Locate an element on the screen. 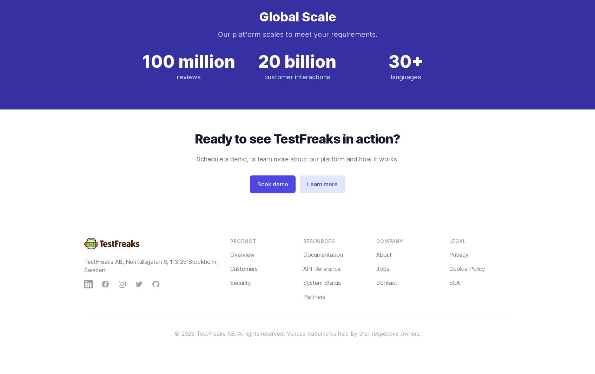 The height and width of the screenshot is (374, 595). 'Book demo' is located at coordinates (272, 184).